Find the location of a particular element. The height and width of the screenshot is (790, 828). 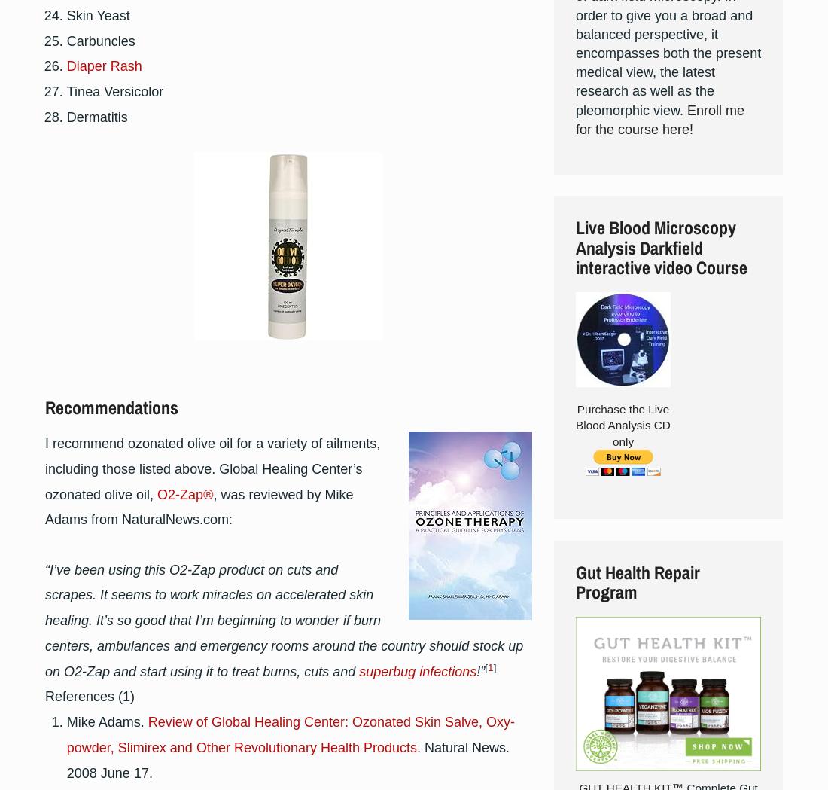

'Live Blood Microscopy Analysis Darkfield interactive video Course' is located at coordinates (661, 246).